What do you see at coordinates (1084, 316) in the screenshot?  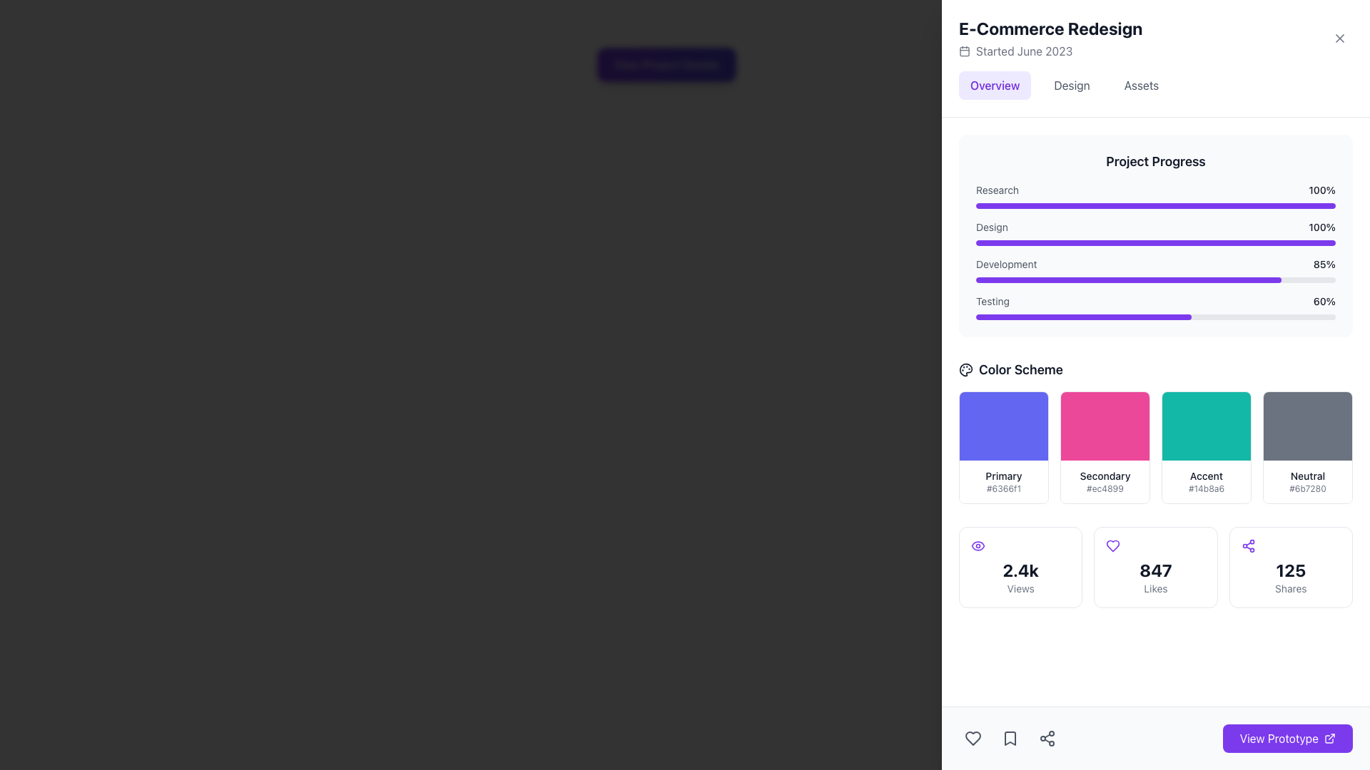 I see `the purple horizontal progress bar indicating 60% completion, located in the 'Project Progress' section under the 'Testing' label` at bounding box center [1084, 316].